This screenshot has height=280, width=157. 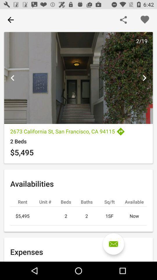 I want to click on go back, so click(x=13, y=78).